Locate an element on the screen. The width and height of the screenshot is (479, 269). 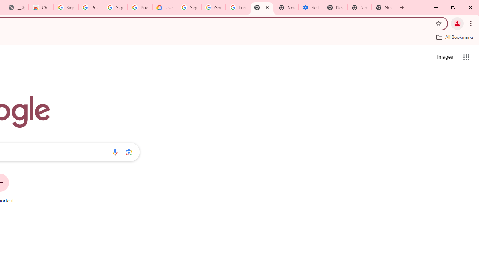
'Search by image' is located at coordinates (129, 152).